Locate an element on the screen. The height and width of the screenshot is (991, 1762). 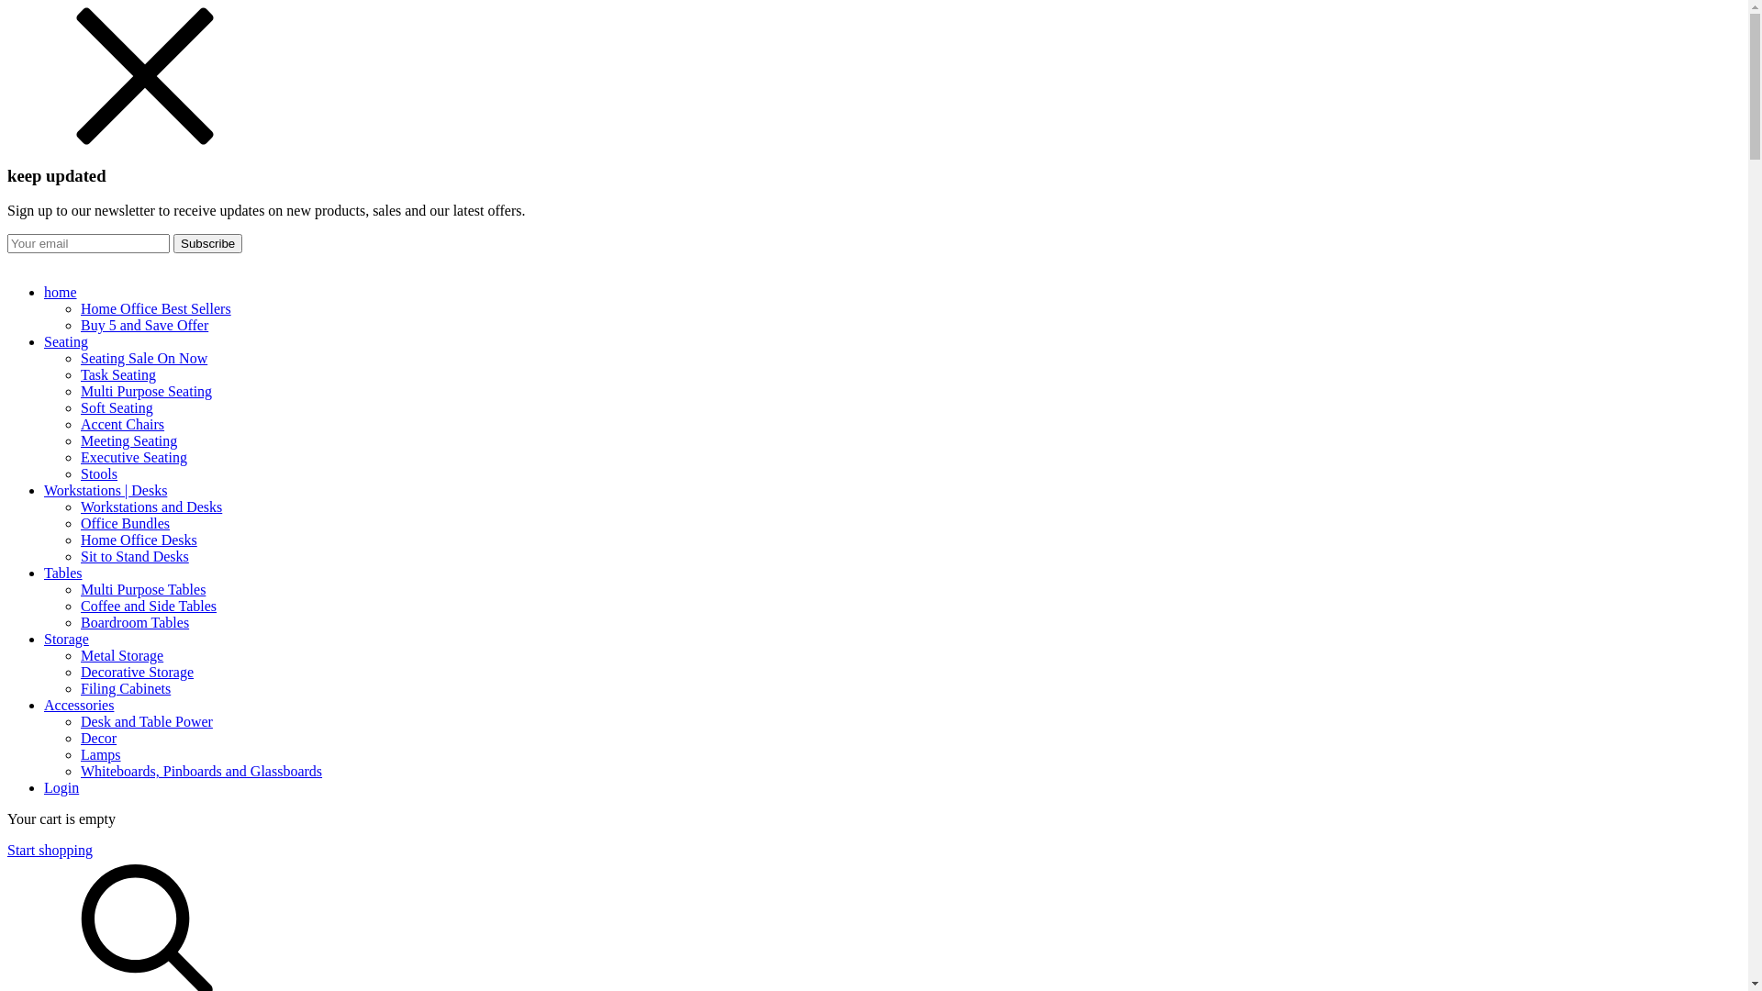
'Metal Storage' is located at coordinates (121, 654).